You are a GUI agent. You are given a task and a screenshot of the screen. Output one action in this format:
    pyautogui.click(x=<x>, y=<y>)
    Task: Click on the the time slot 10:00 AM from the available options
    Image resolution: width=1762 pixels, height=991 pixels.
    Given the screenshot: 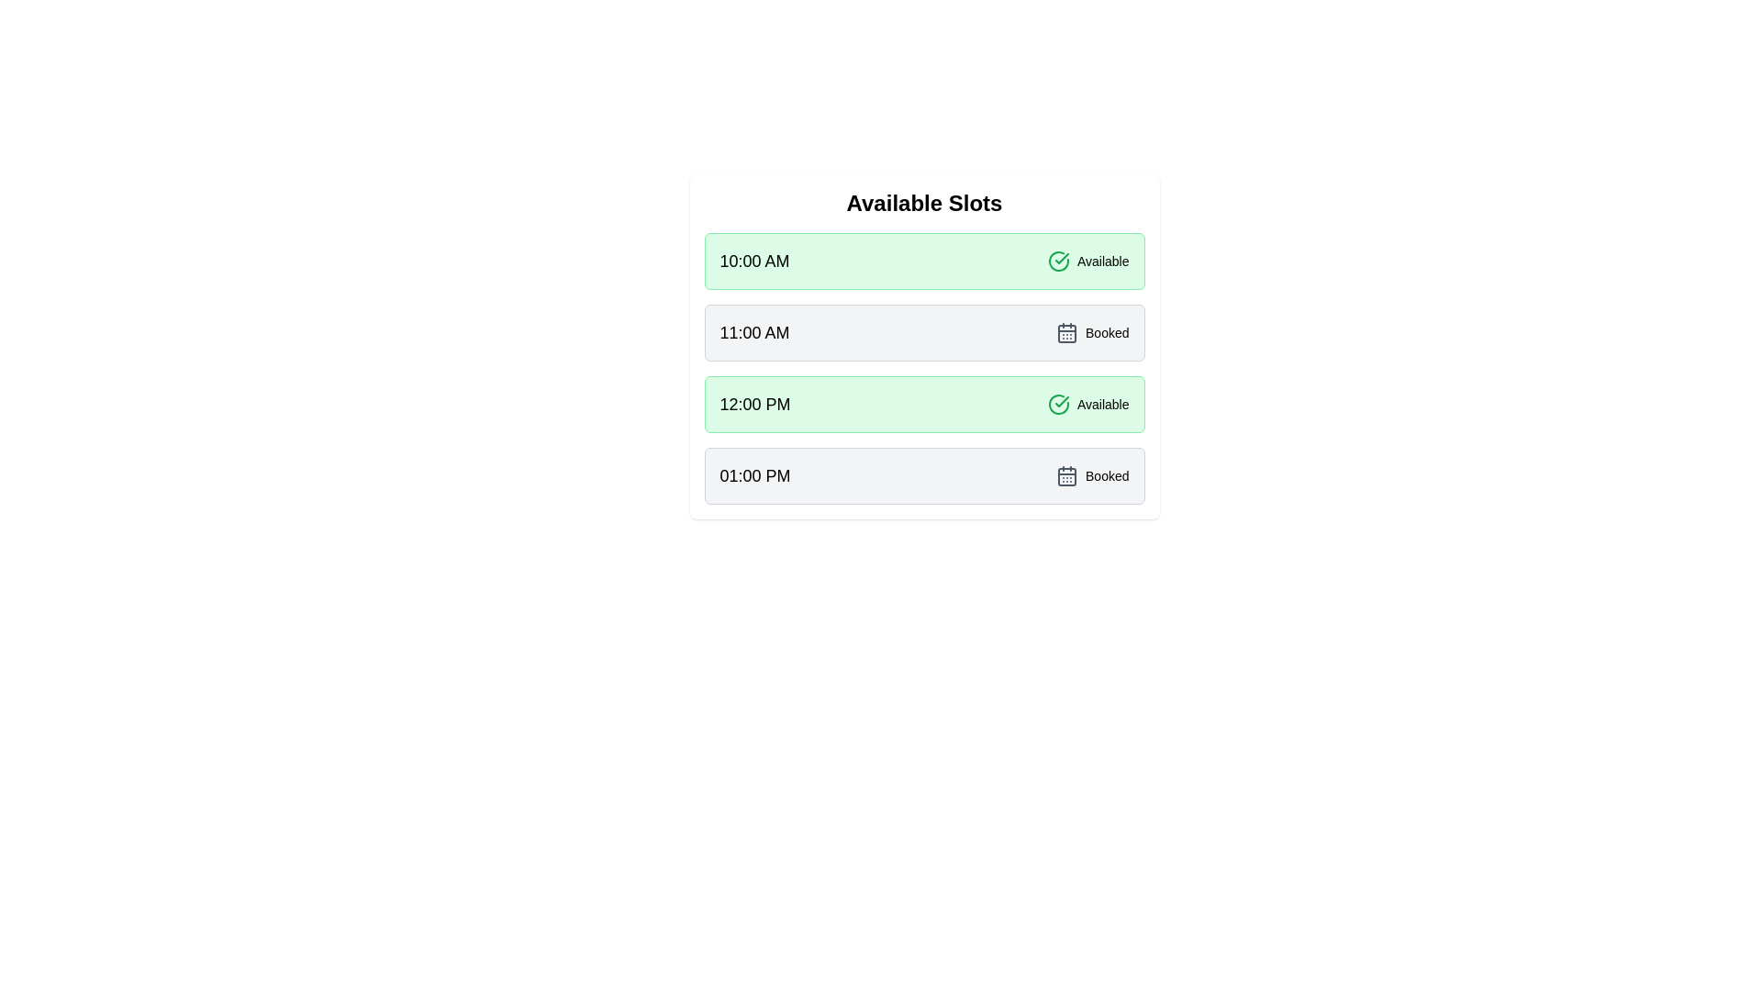 What is the action you would take?
    pyautogui.click(x=924, y=262)
    